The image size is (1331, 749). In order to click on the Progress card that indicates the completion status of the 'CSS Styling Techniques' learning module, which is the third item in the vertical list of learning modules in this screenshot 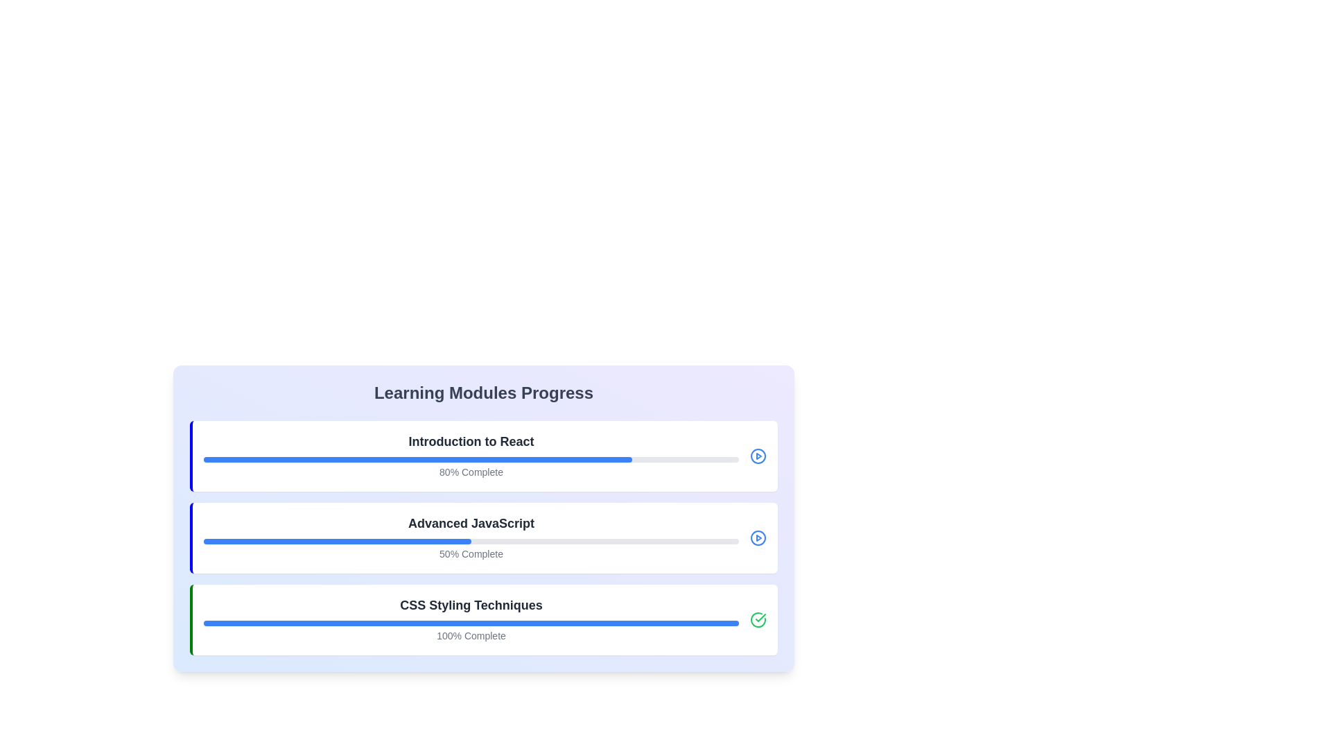, I will do `click(483, 619)`.